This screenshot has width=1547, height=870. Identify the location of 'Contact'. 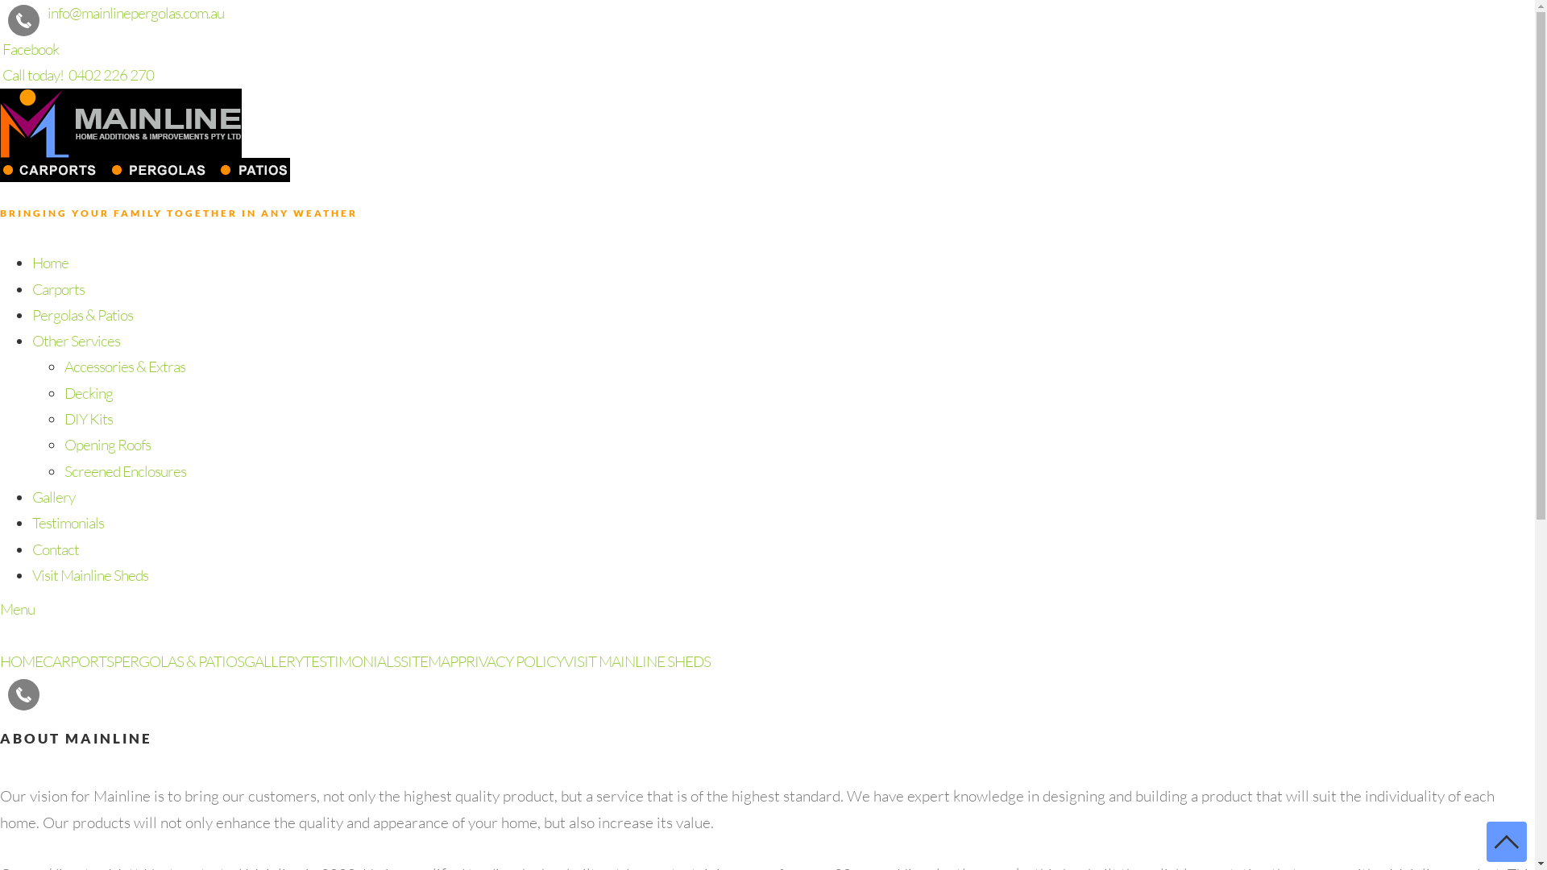
(55, 549).